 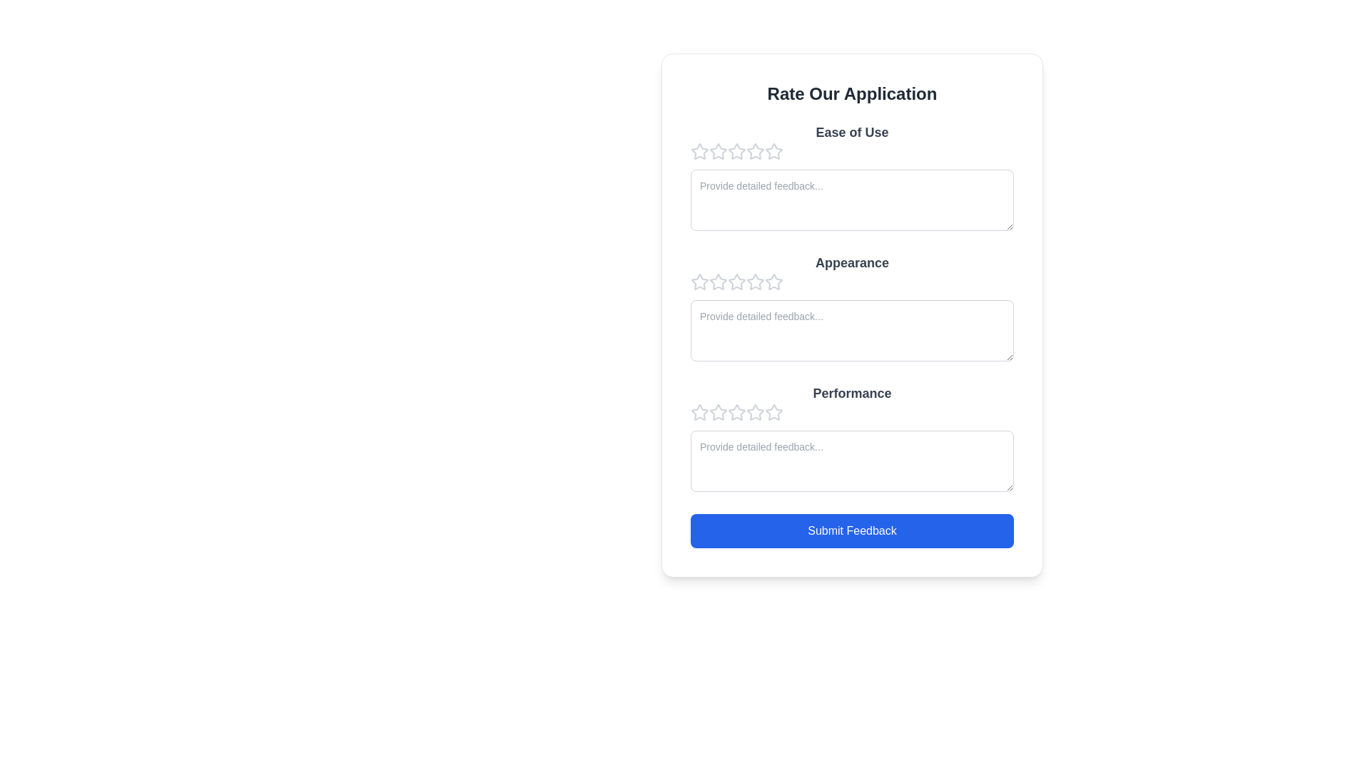 I want to click on the first star icon in the rating scale located under the 'Ease of Use' heading to enhance accessibility, so click(x=719, y=151).